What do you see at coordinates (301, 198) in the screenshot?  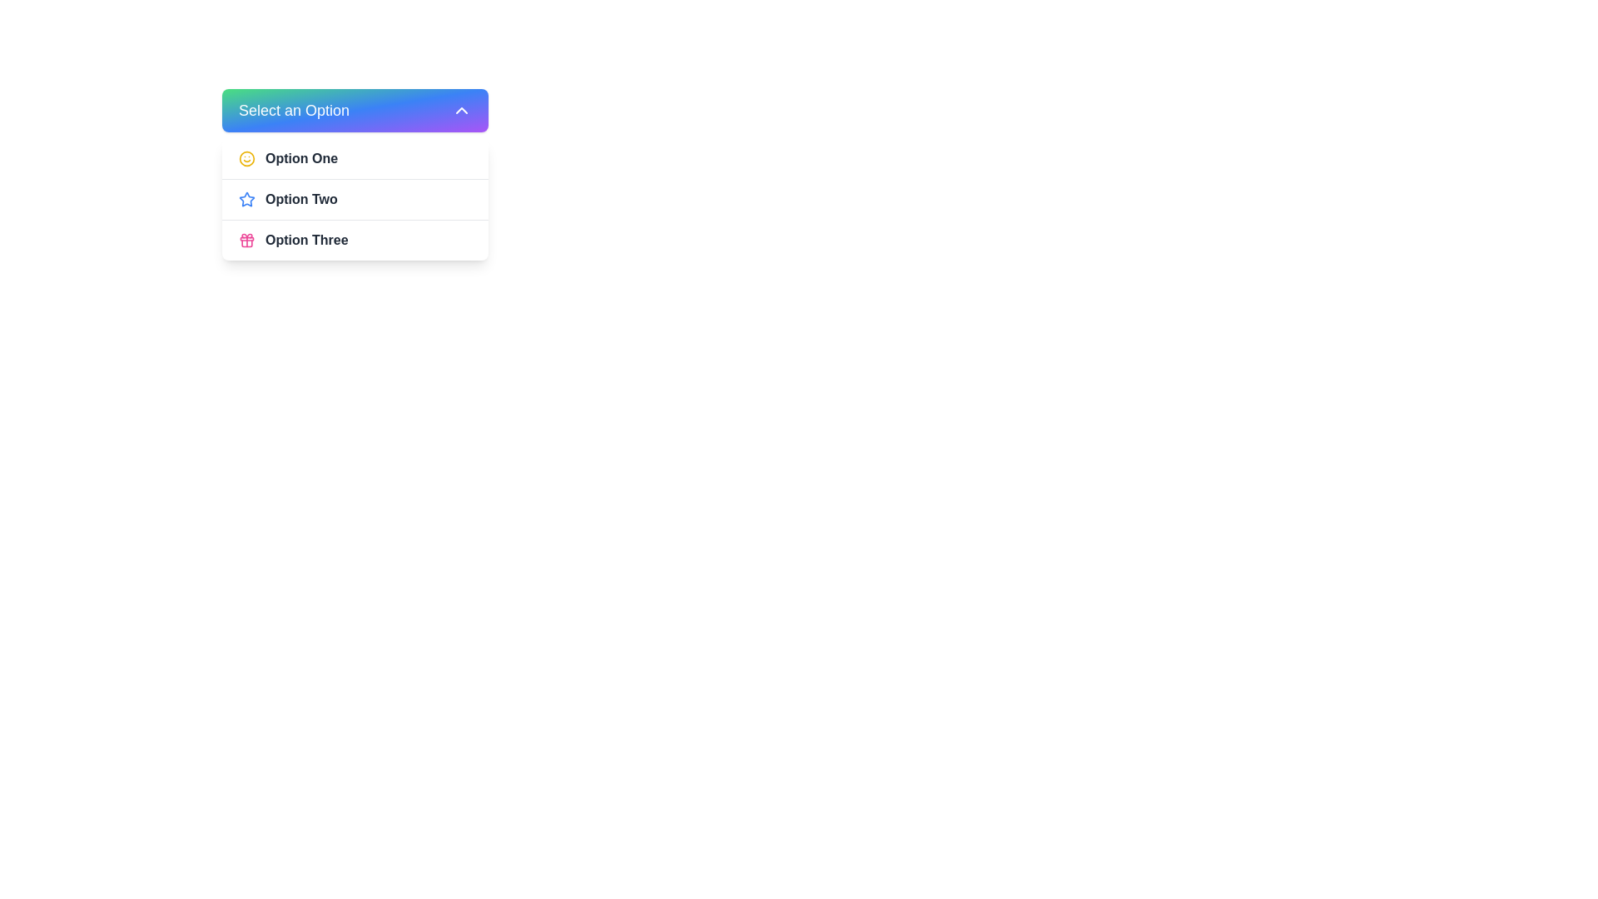 I see `the text label 'Option Two' which is the second item in a dropdown menu` at bounding box center [301, 198].